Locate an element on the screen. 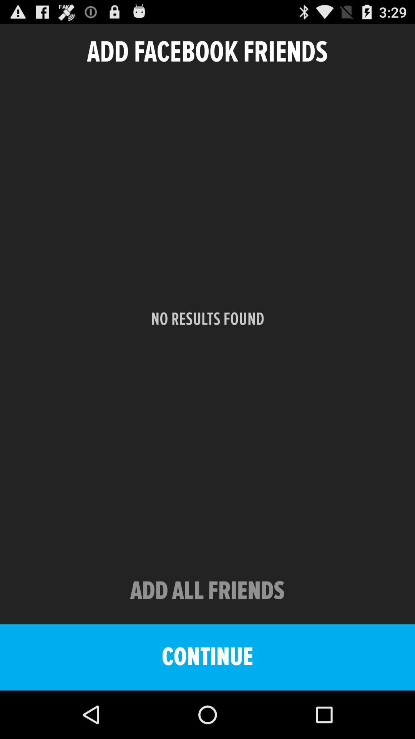 This screenshot has height=739, width=415. icon below the add all friends is located at coordinates (207, 657).